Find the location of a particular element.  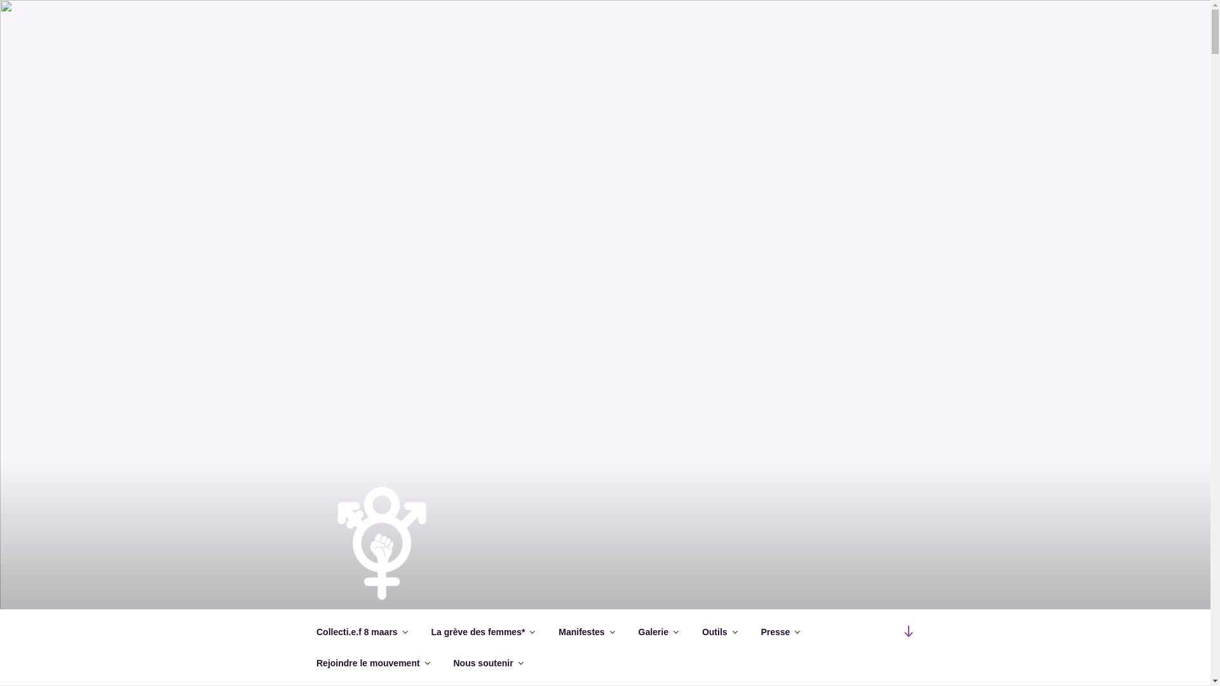

'COLLECTI.E.F 8 MAARS' is located at coordinates (317, 624).